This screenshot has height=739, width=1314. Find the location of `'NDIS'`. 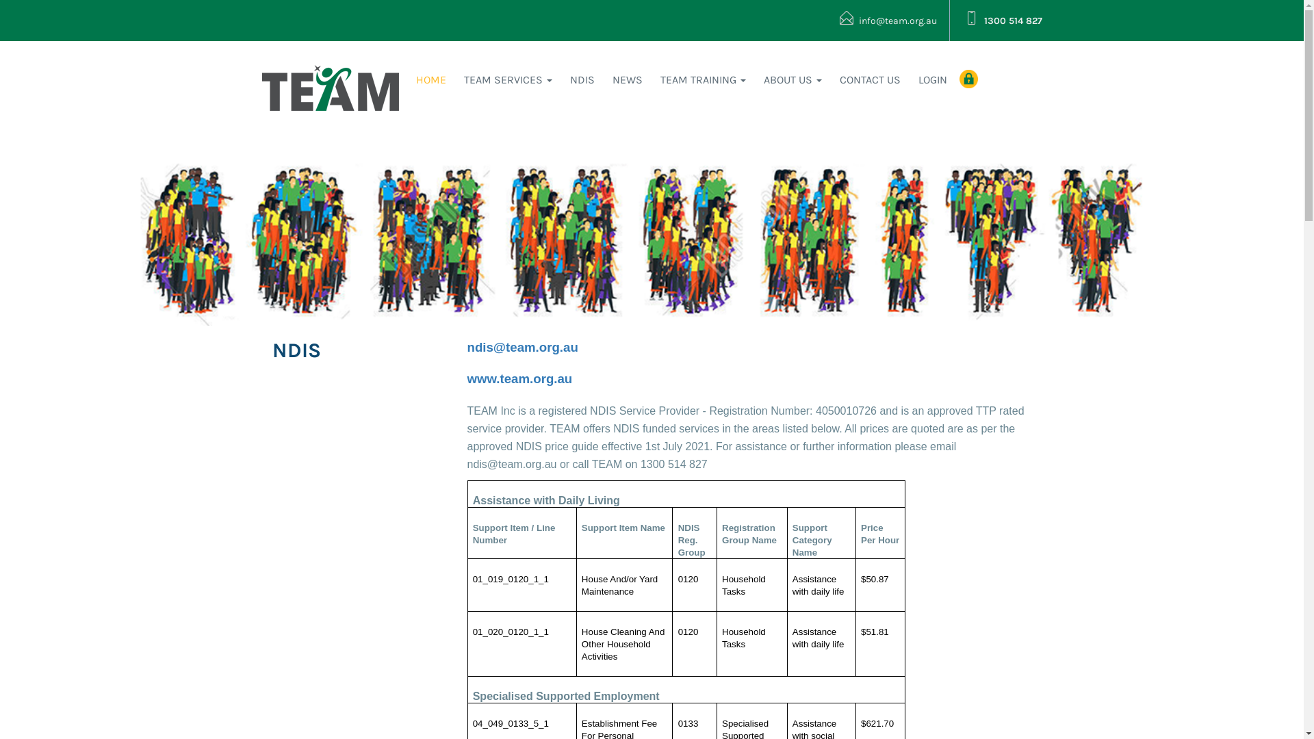

'NDIS' is located at coordinates (582, 79).